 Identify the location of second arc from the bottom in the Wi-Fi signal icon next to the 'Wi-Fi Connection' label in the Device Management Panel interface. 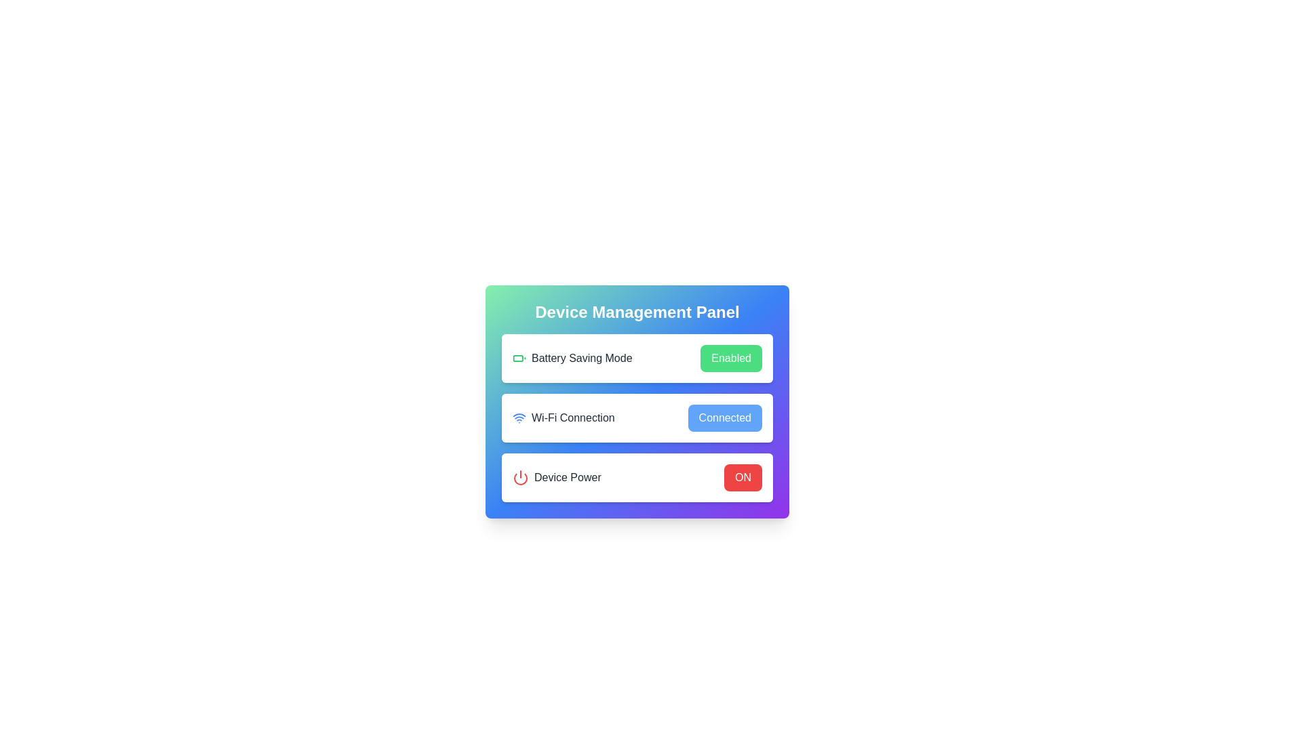
(519, 414).